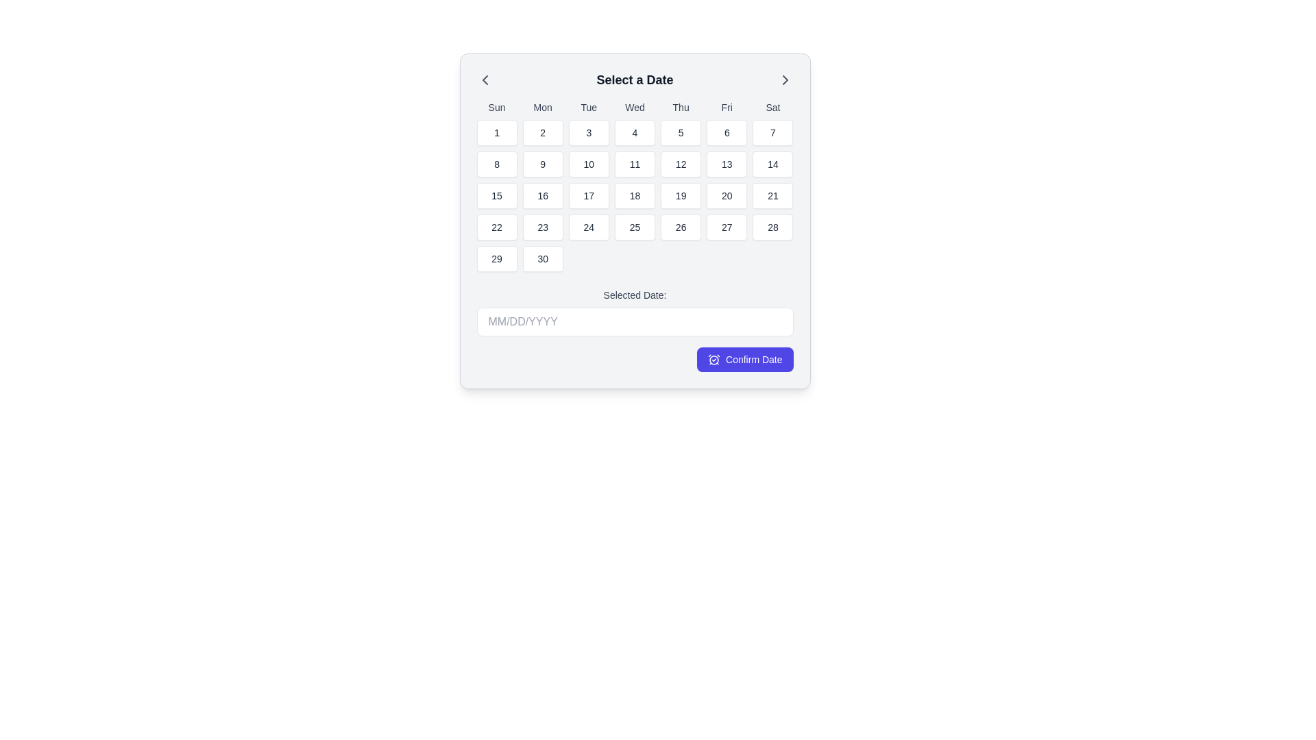  Describe the element at coordinates (496, 107) in the screenshot. I see `the text label displaying 'Sun' in the top-left corner of the calendar grid header` at that location.